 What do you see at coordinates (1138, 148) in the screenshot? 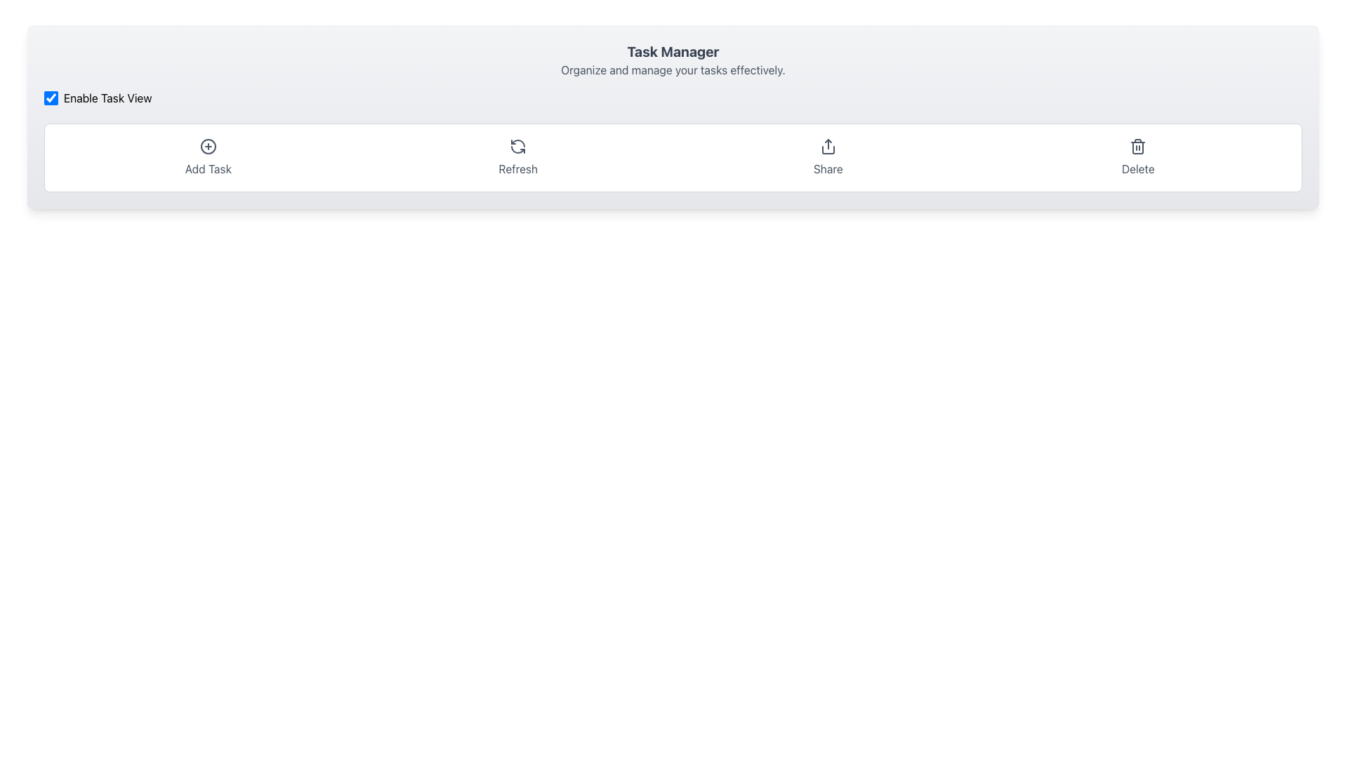
I see `the delete icon button located on the right-most side of the action buttons row` at bounding box center [1138, 148].